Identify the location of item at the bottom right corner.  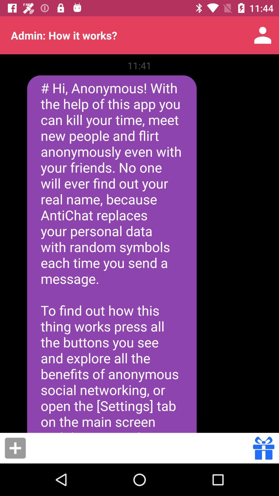
(263, 448).